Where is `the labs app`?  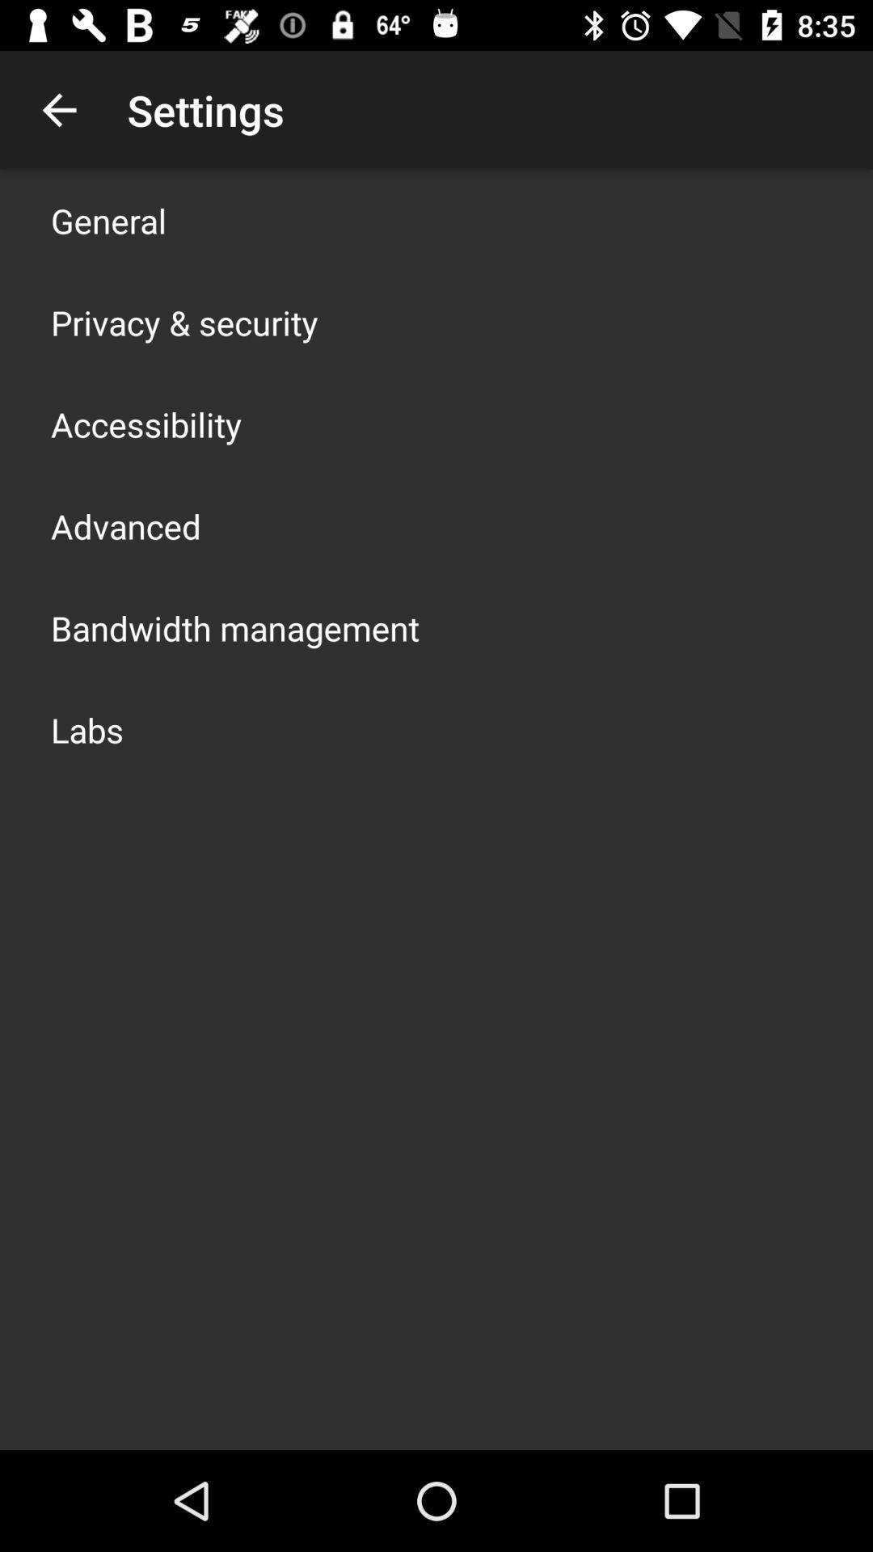 the labs app is located at coordinates (87, 728).